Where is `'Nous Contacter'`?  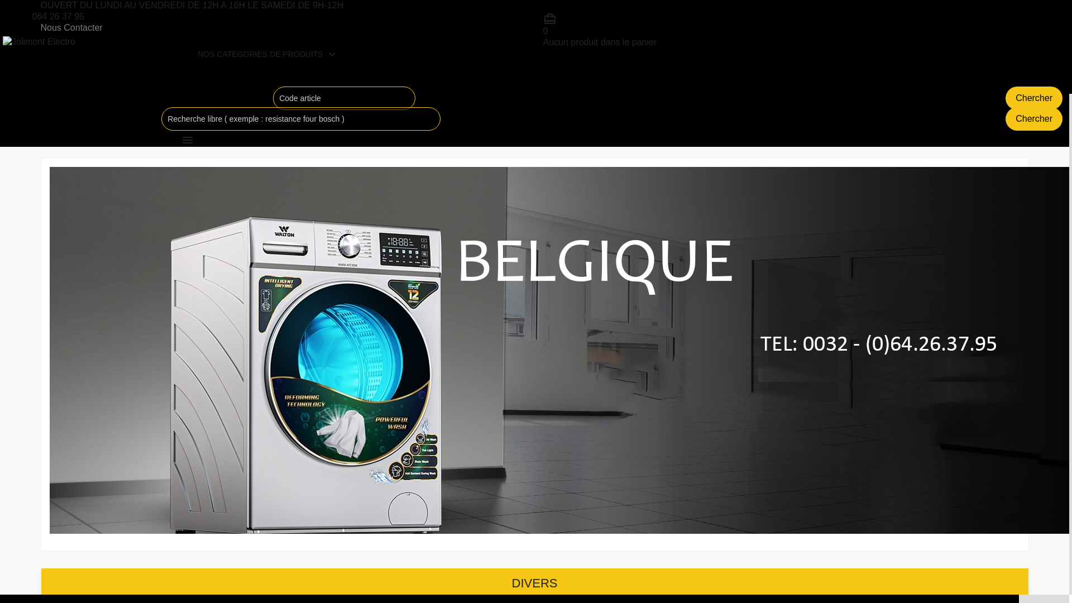 'Nous Contacter' is located at coordinates (70, 27).